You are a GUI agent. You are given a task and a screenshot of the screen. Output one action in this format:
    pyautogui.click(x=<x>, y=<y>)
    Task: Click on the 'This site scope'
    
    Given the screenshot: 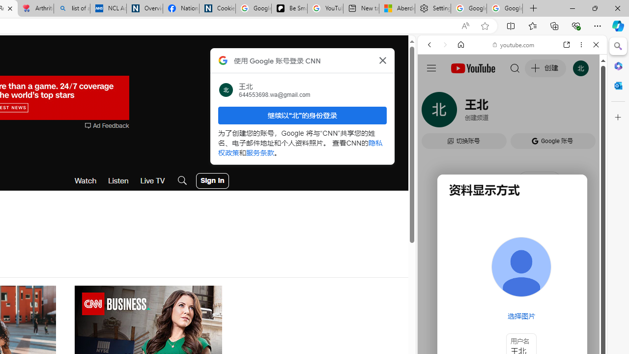 What is the action you would take?
    pyautogui.click(x=459, y=88)
    